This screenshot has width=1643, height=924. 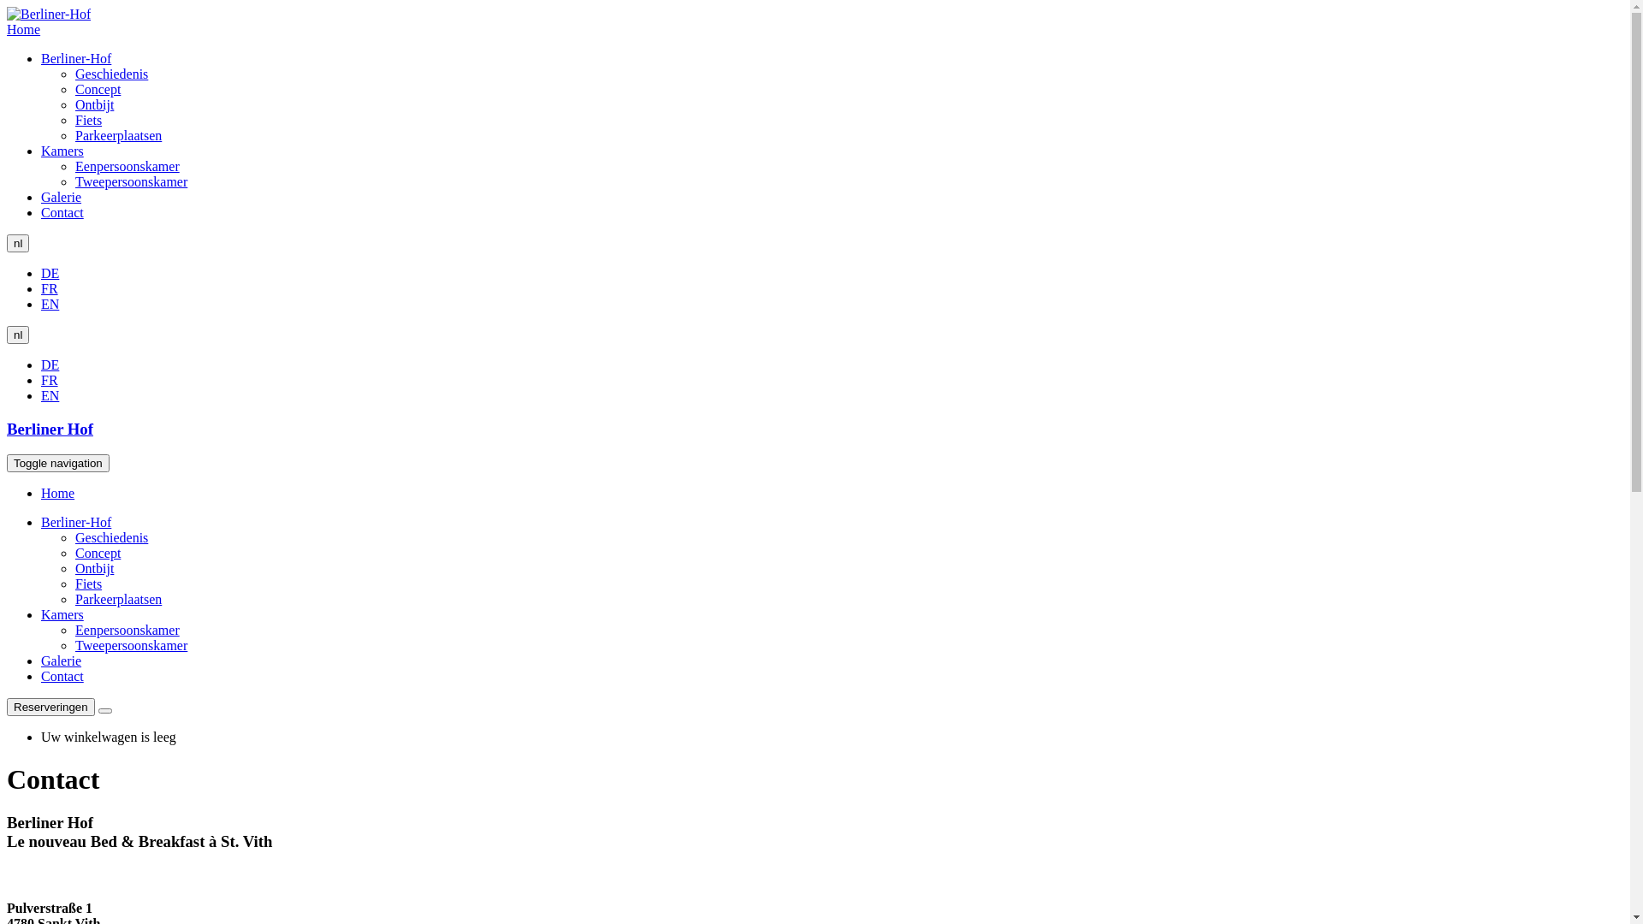 What do you see at coordinates (61, 660) in the screenshot?
I see `'Galerie'` at bounding box center [61, 660].